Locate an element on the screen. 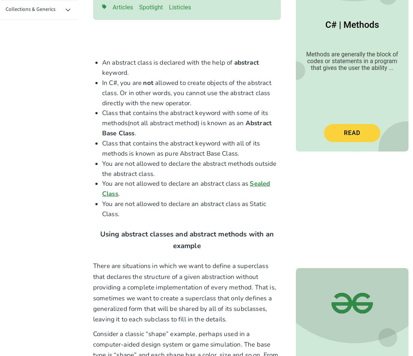 The width and height of the screenshot is (413, 356). 'keyword.' is located at coordinates (115, 72).